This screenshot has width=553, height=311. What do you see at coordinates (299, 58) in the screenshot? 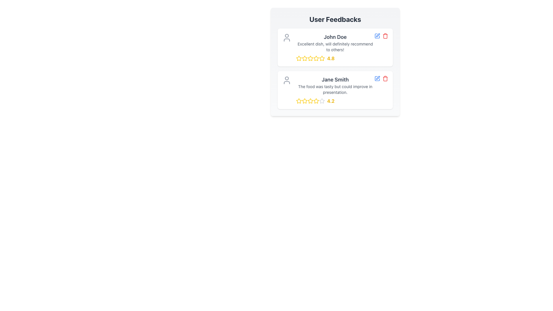
I see `the first star icon in the rating component for user 'John Doe' to interact with the rating functionality` at bounding box center [299, 58].